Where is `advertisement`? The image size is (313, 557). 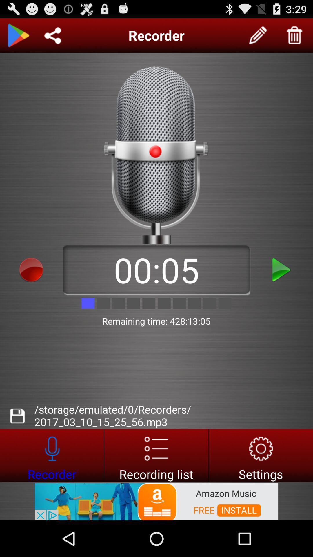
advertisement is located at coordinates (156, 501).